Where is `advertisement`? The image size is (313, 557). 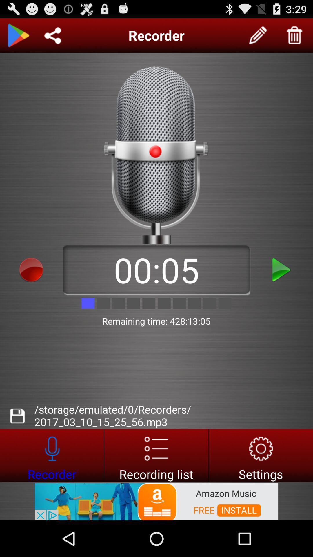
advertisement is located at coordinates (156, 501).